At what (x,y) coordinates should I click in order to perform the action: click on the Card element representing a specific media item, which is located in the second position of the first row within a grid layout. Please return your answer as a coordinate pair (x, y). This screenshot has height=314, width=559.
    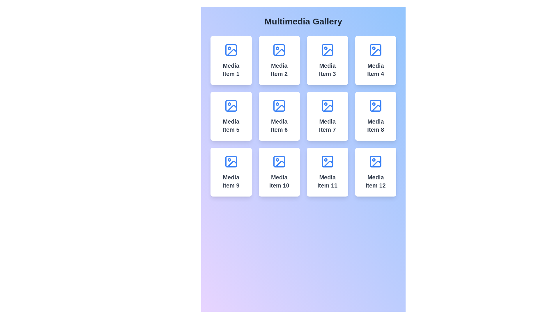
    Looking at the image, I should click on (279, 60).